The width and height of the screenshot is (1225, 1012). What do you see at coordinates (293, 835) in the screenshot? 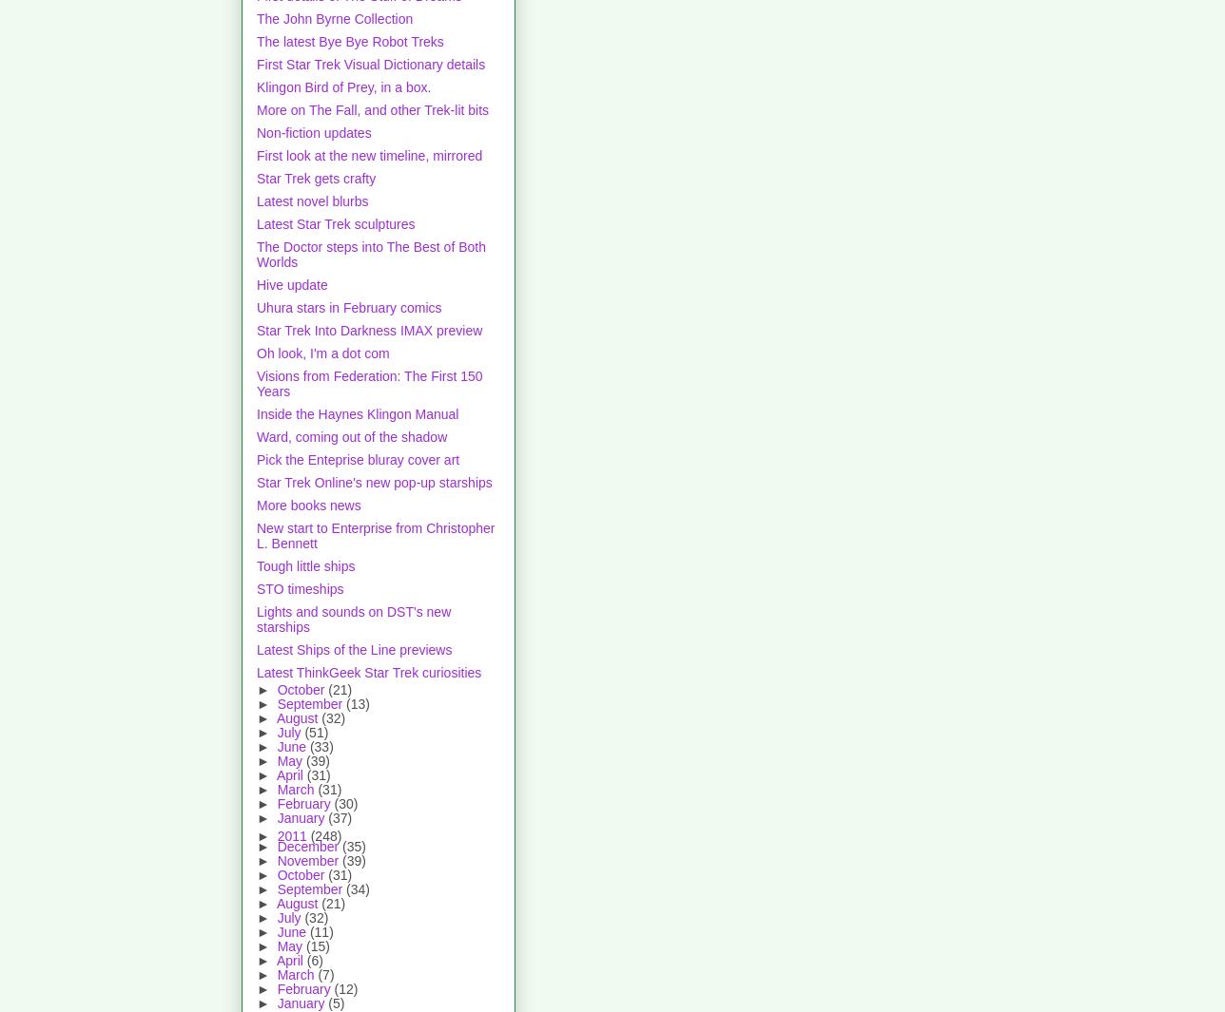
I see `'2011'` at bounding box center [293, 835].